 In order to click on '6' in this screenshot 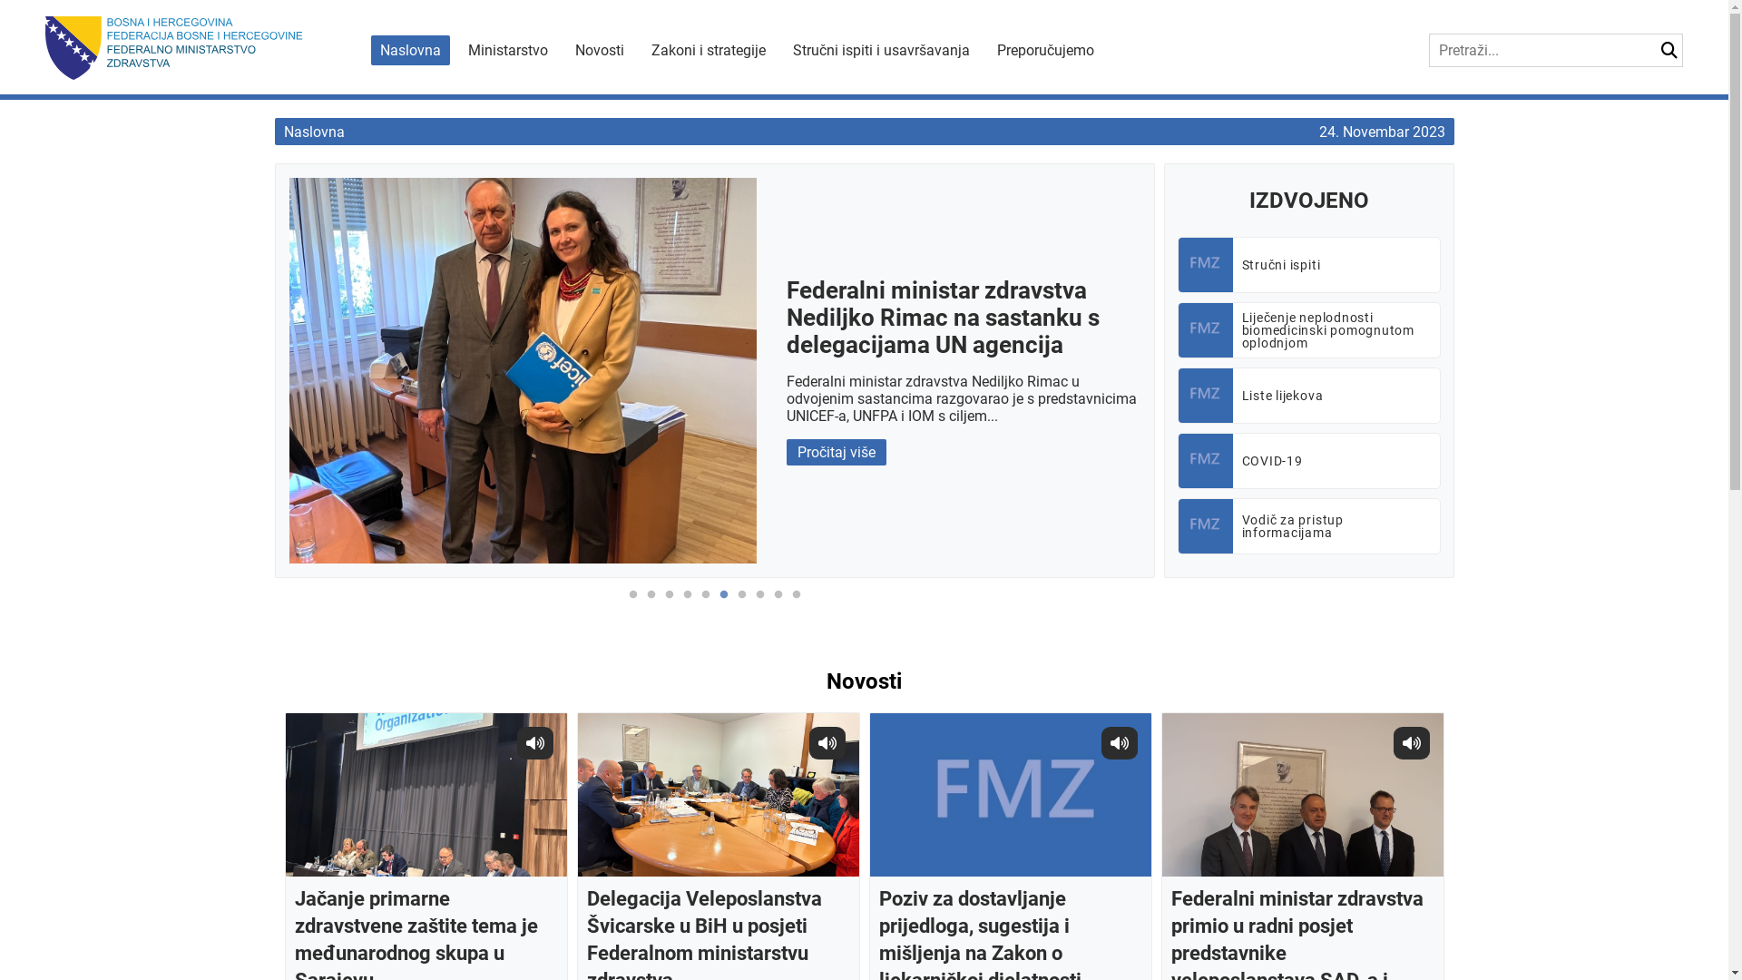, I will do `click(722, 604)`.